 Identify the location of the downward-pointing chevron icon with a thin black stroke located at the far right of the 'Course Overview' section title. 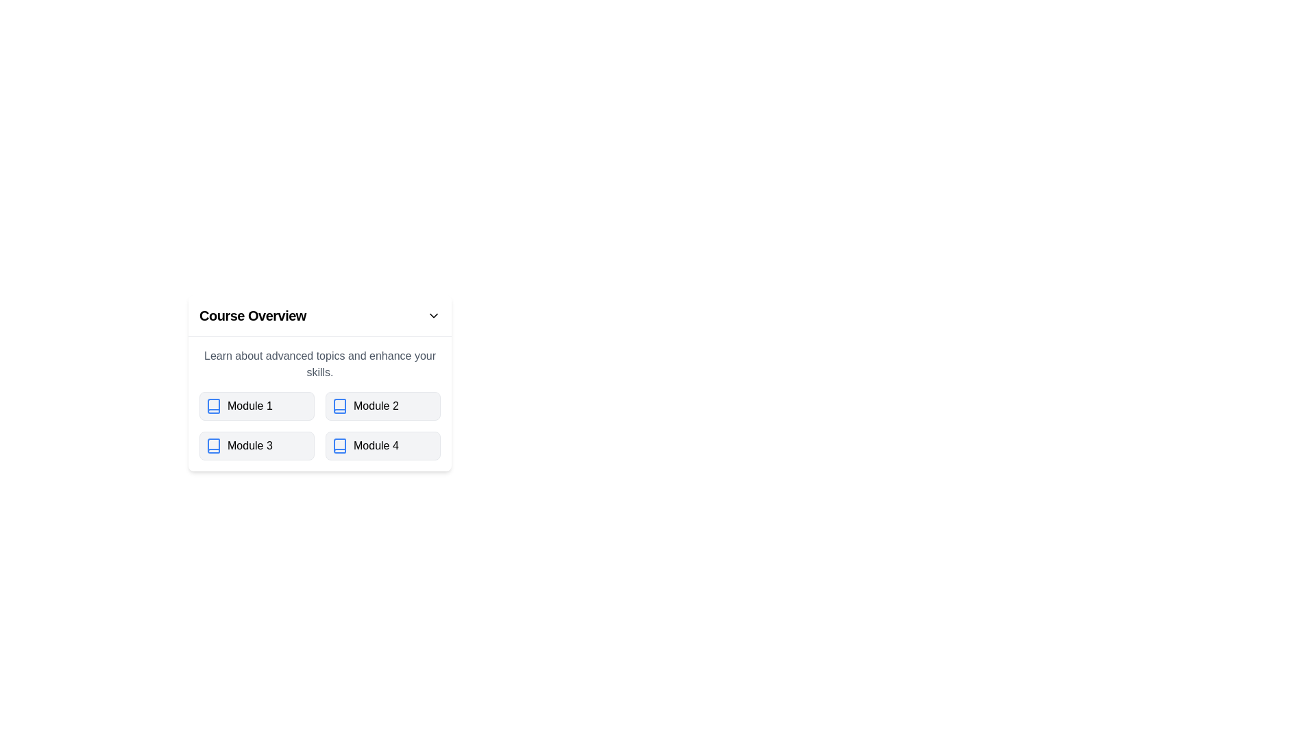
(433, 316).